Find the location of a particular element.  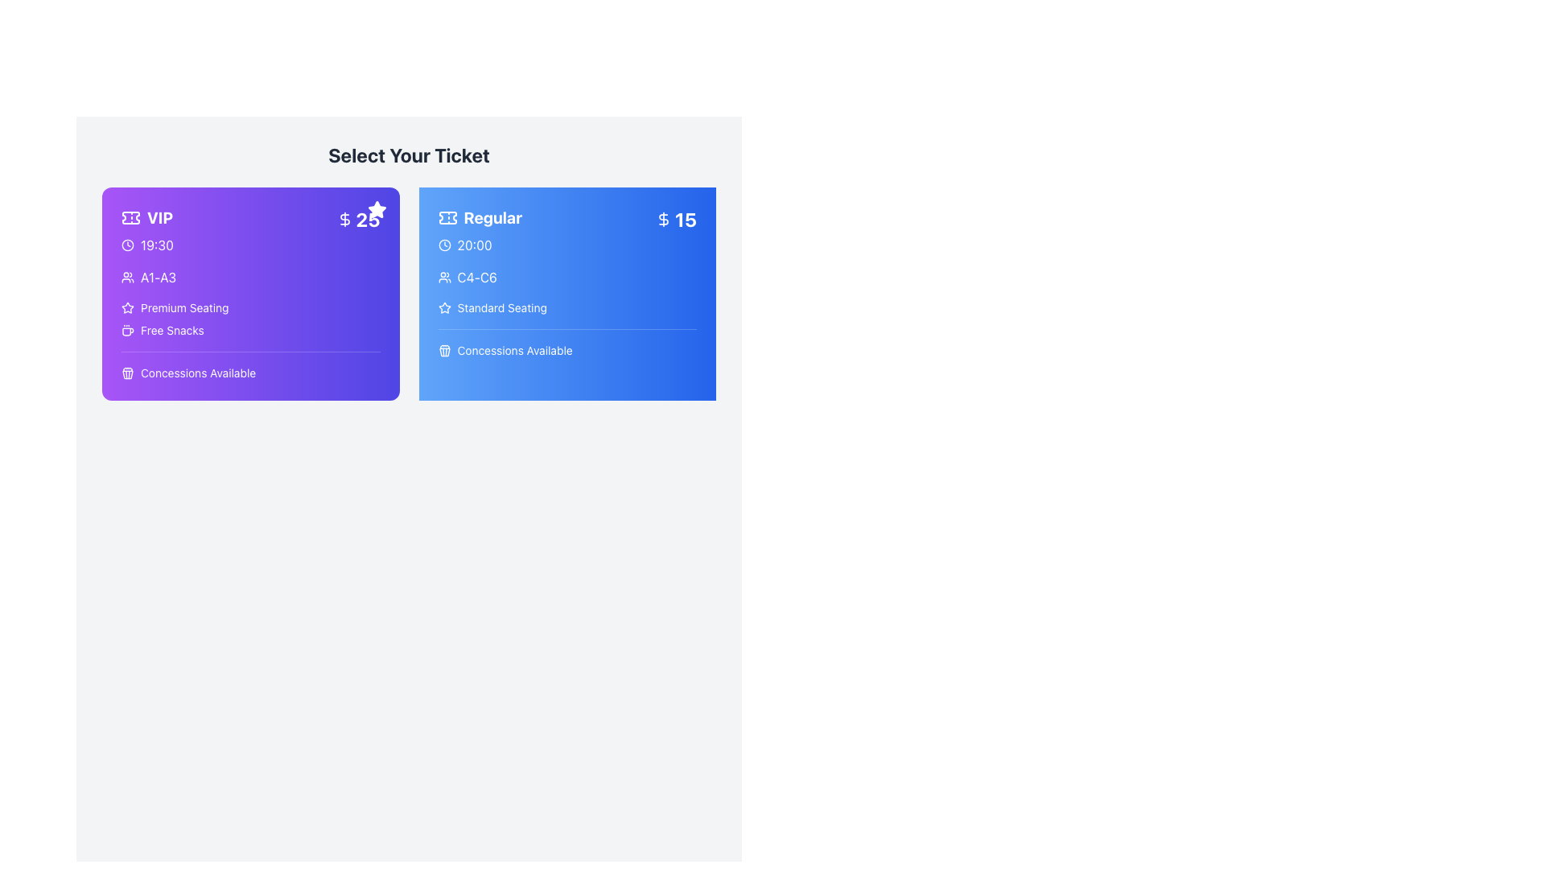

text content of the 'C4-C6' label located within the 'Regular' ticket option, positioned below the time (20:00) and above the 'Standard Seating' label is located at coordinates (476, 276).